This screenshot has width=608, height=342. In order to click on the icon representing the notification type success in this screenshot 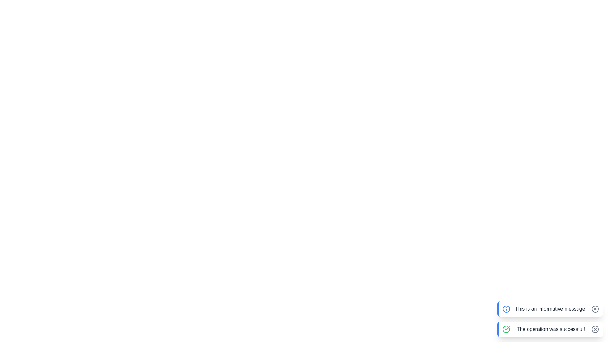, I will do `click(506, 329)`.